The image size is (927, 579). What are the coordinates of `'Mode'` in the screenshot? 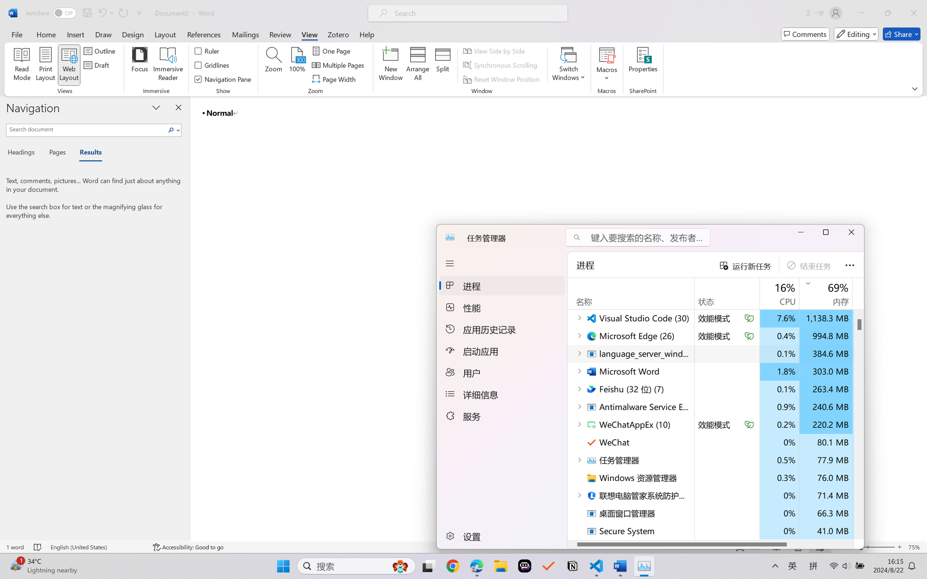 It's located at (856, 34).